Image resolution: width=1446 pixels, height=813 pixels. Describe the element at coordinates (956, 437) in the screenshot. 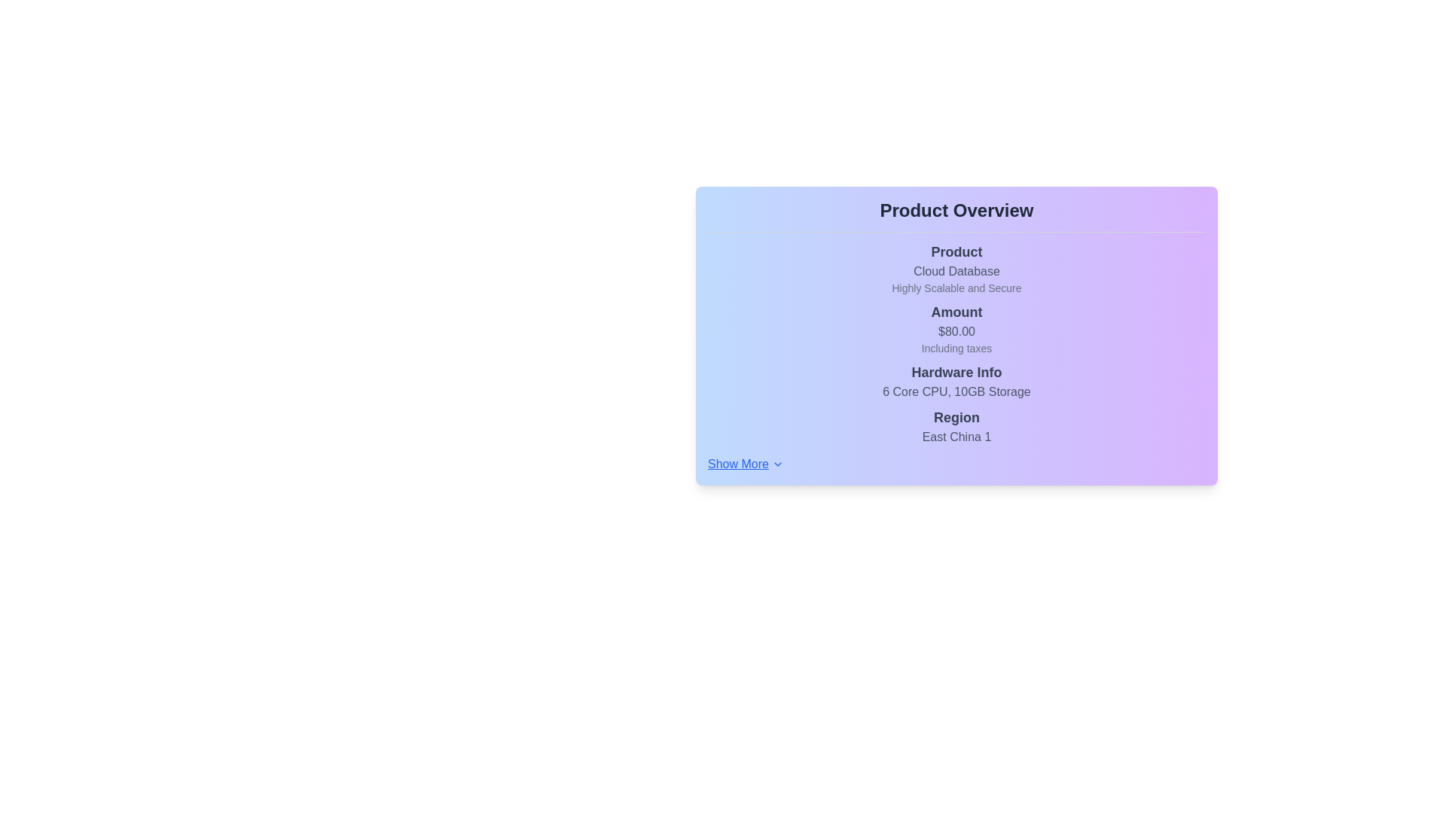

I see `the 'Region' Label that displays the specific region's name within the dashboard interface` at that location.